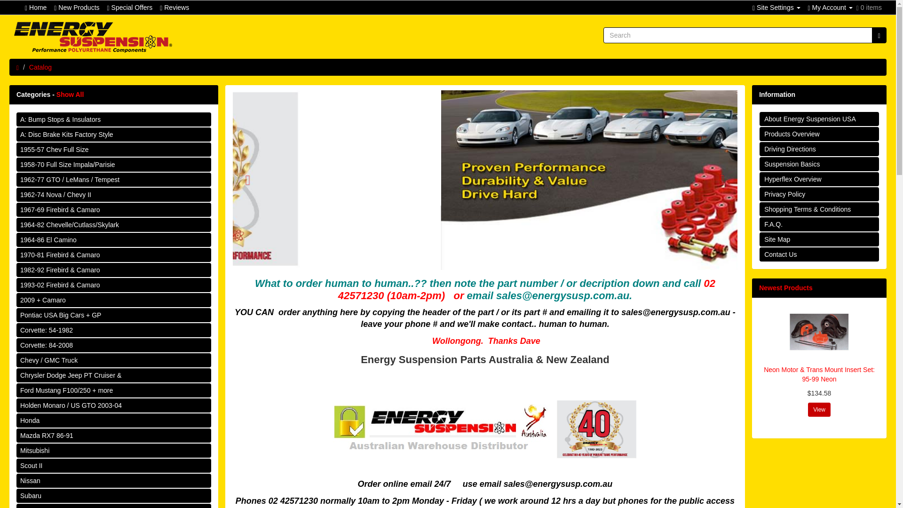 The width and height of the screenshot is (903, 508). What do you see at coordinates (113, 239) in the screenshot?
I see `'1964-86 El Camino'` at bounding box center [113, 239].